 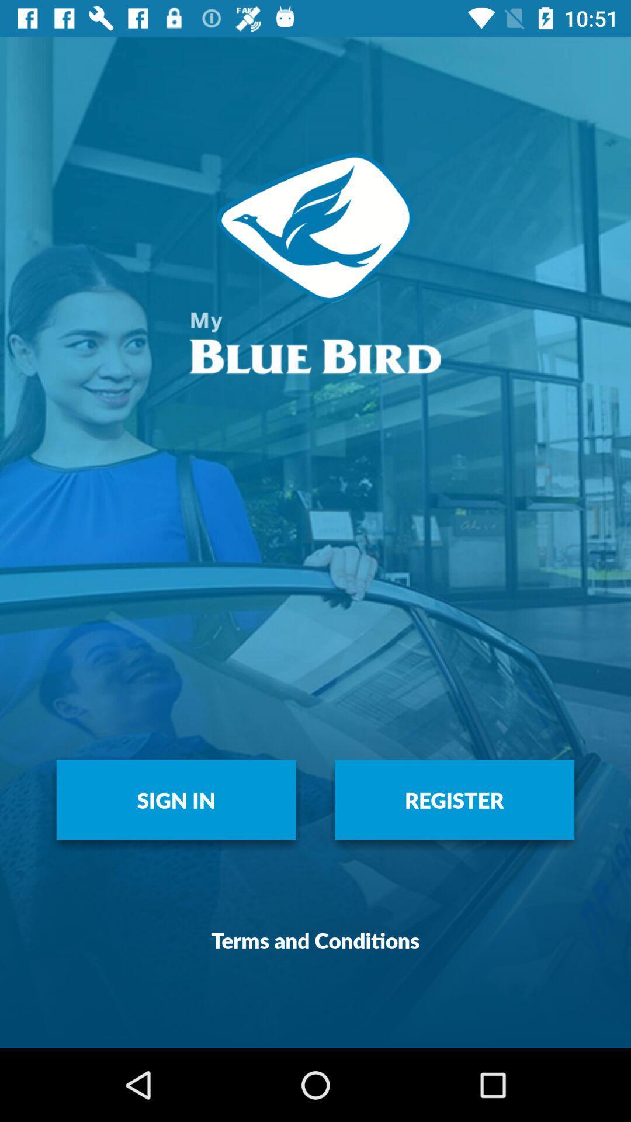 What do you see at coordinates (315, 940) in the screenshot?
I see `the icon below sign in` at bounding box center [315, 940].